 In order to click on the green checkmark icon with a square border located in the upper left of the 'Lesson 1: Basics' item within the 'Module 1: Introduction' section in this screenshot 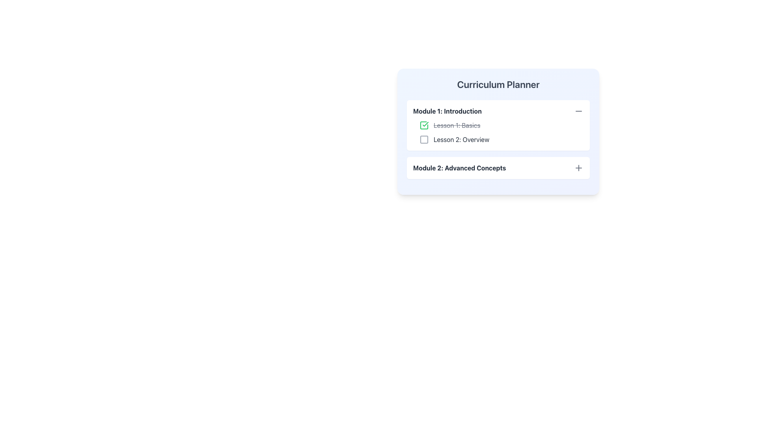, I will do `click(423, 125)`.